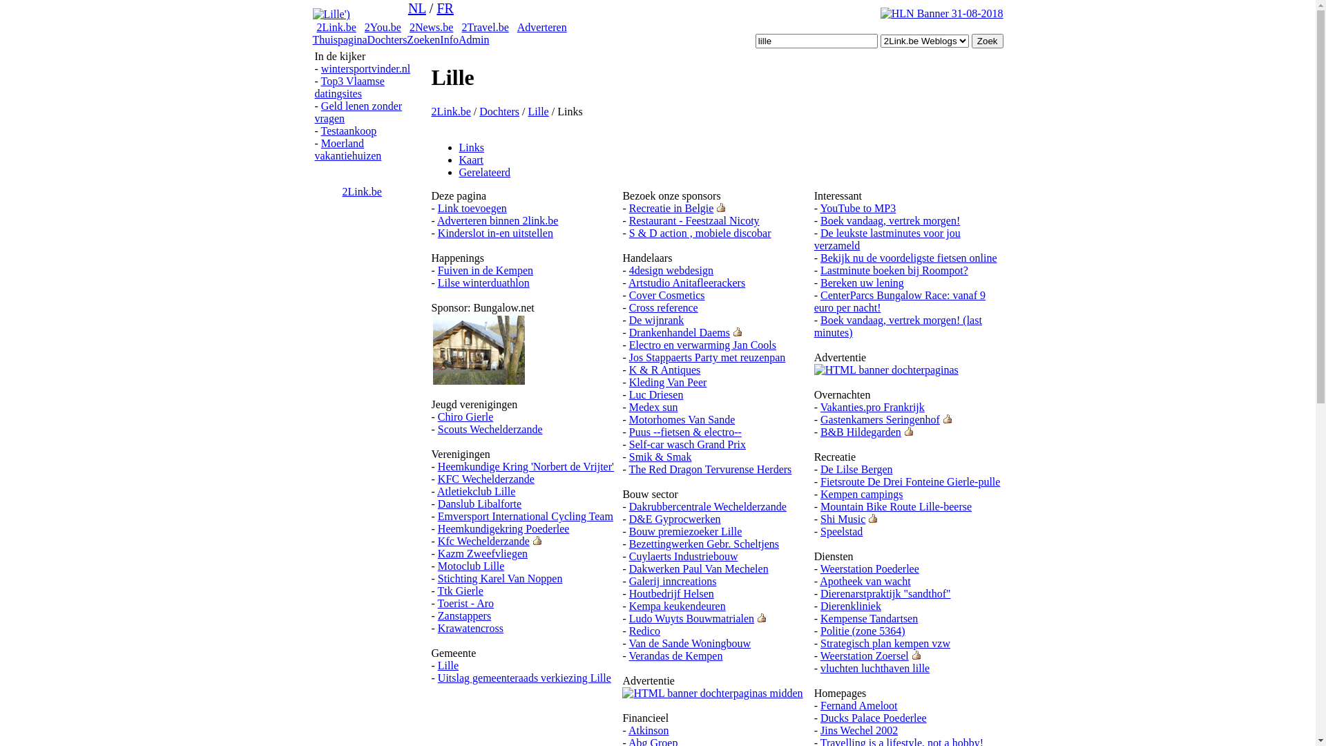  Describe the element at coordinates (874, 667) in the screenshot. I see `'vluchten luchthaven lille'` at that location.